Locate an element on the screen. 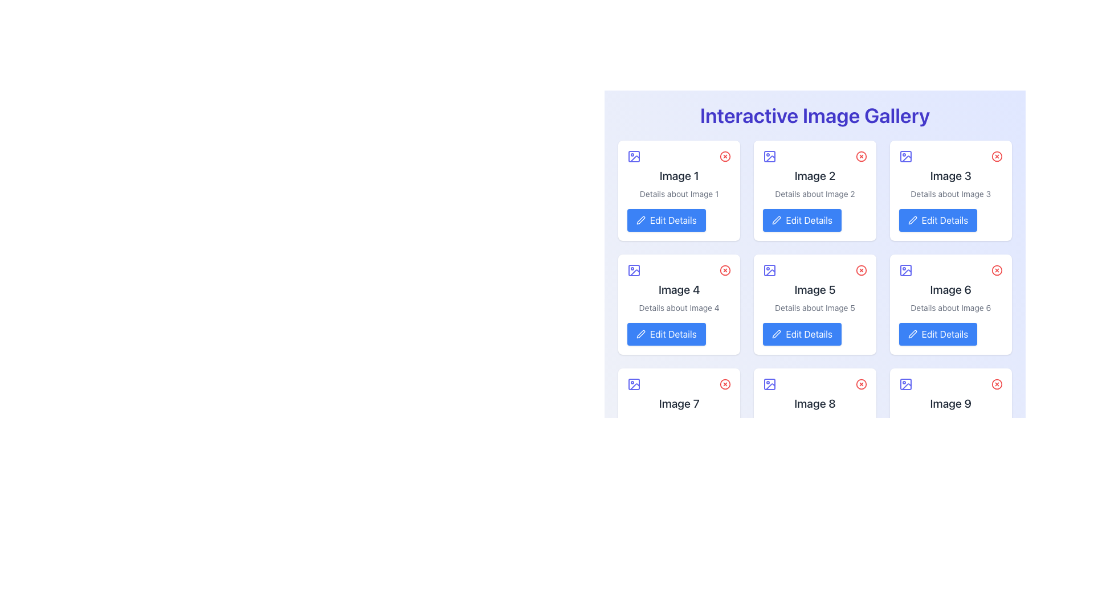 The image size is (1094, 615). the 'Edit Details' button with a blue background and pen icon located in the card labeled 'Image 6' is located at coordinates (938, 333).